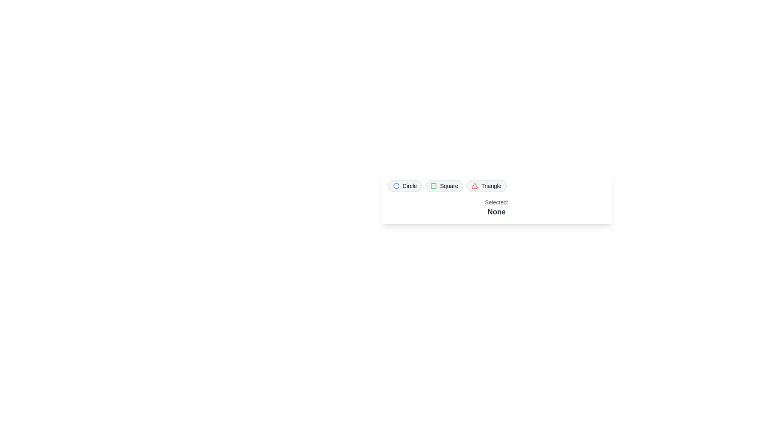 The height and width of the screenshot is (432, 768). What do you see at coordinates (486, 186) in the screenshot?
I see `the chip labeled Triangle` at bounding box center [486, 186].